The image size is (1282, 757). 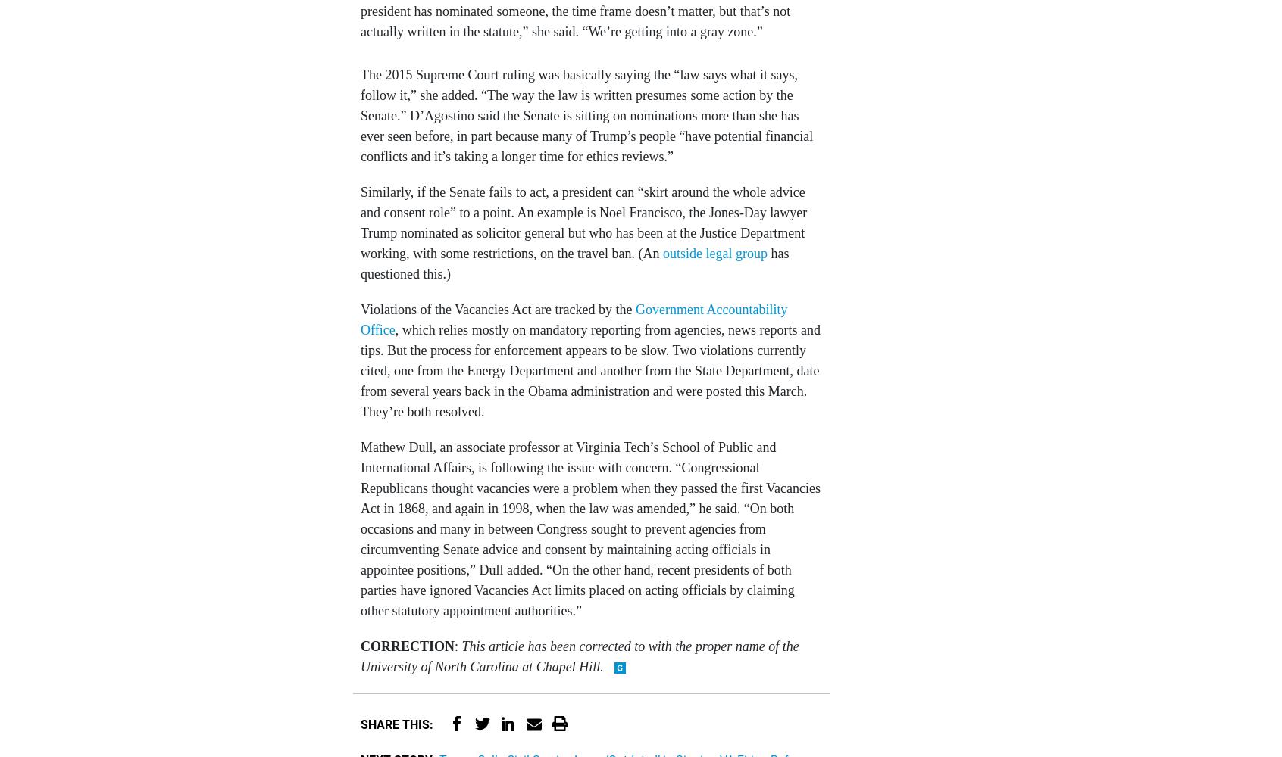 I want to click on 'This article has been corrected to with the proper name of the University of North Carolina at Chapel Hill.', so click(x=578, y=655).